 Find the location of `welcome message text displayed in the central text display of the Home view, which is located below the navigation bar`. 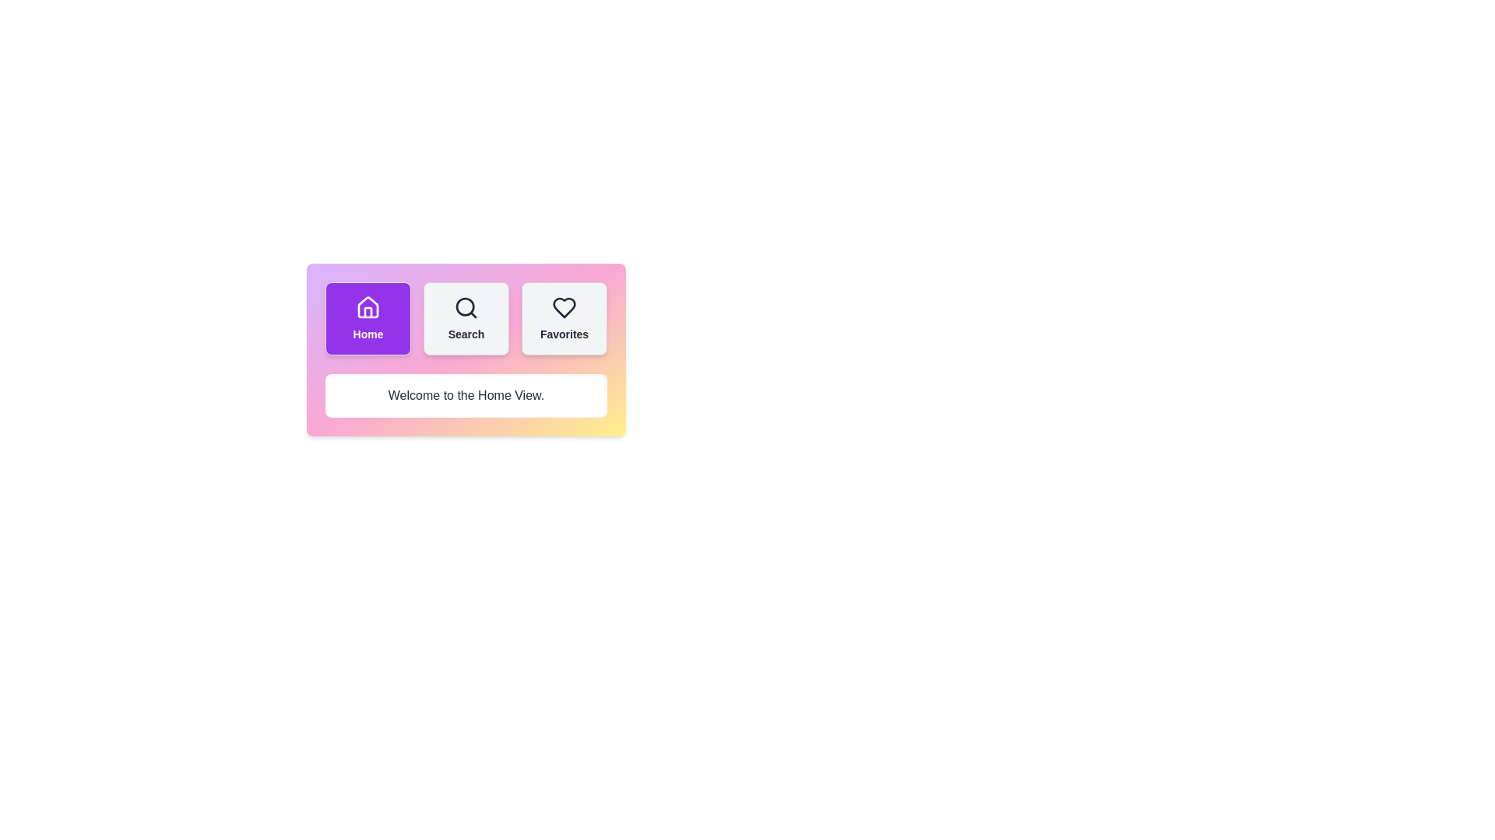

welcome message text displayed in the central text display of the Home view, which is located below the navigation bar is located at coordinates (466, 395).